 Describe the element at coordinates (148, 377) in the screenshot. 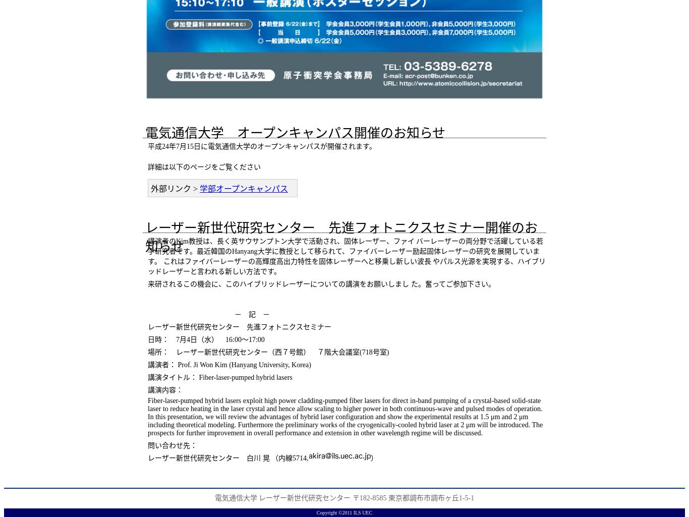

I see `'講演タイトル： Fiber-laser-pumped hybrid lasers'` at that location.